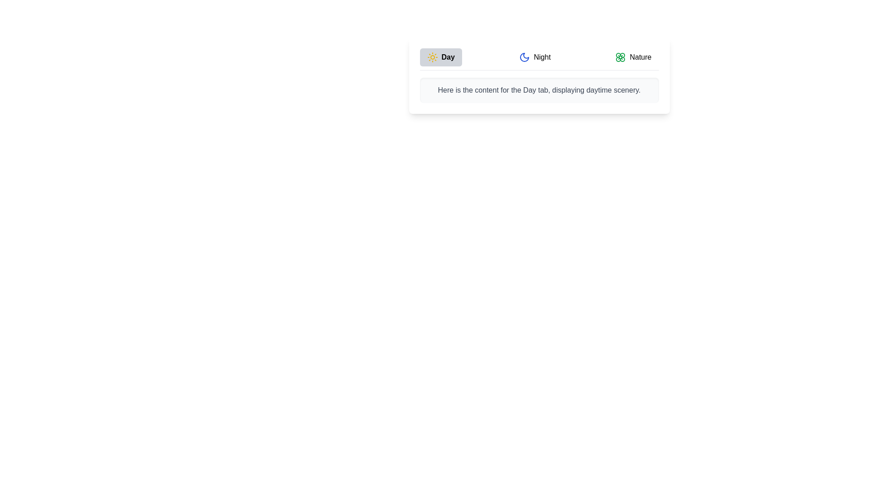 This screenshot has width=869, height=488. I want to click on the Night tab by clicking on its respective button, so click(535, 57).